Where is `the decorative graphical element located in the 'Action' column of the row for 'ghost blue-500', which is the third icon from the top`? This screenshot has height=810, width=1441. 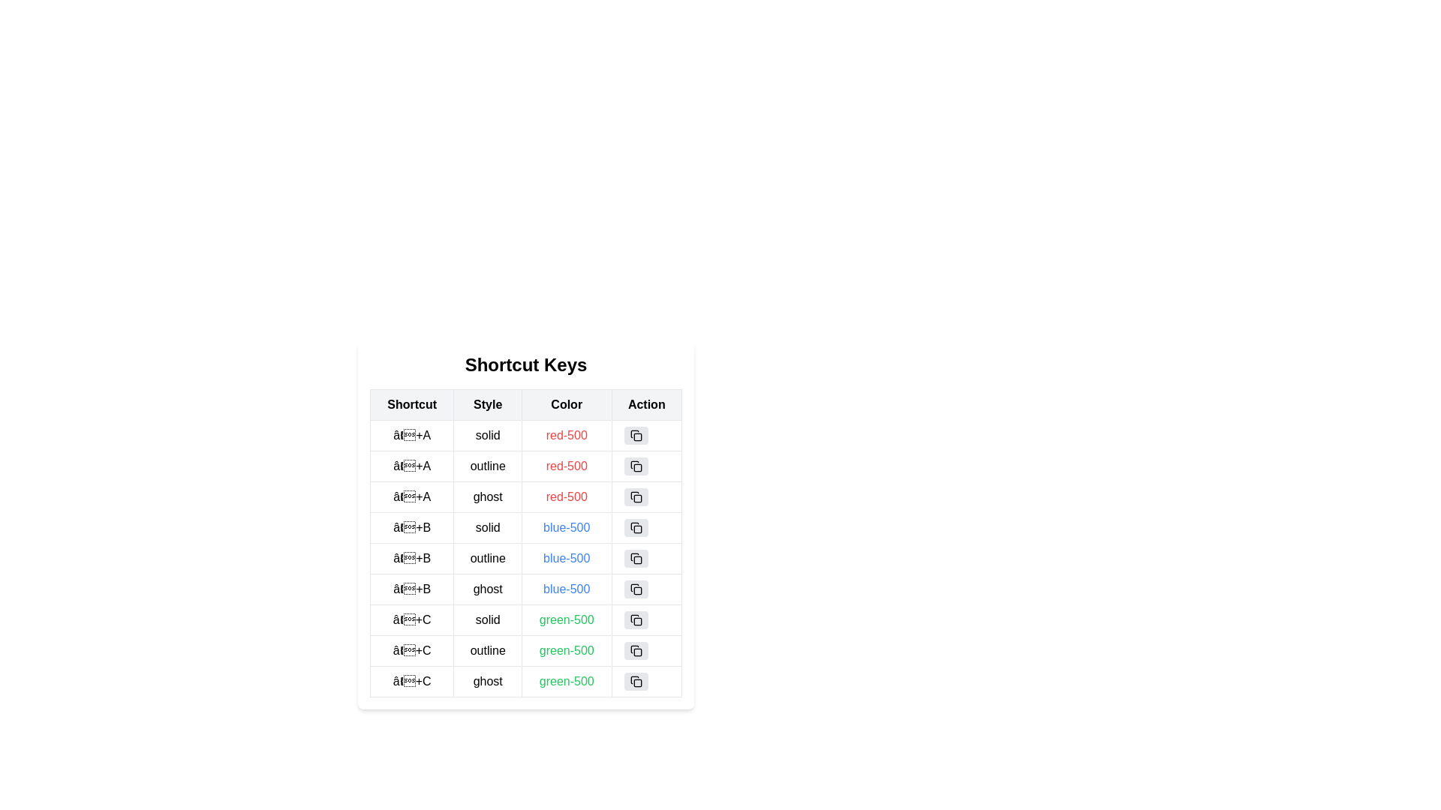
the decorative graphical element located in the 'Action' column of the row for 'ghost blue-500', which is the third icon from the top is located at coordinates (637, 589).